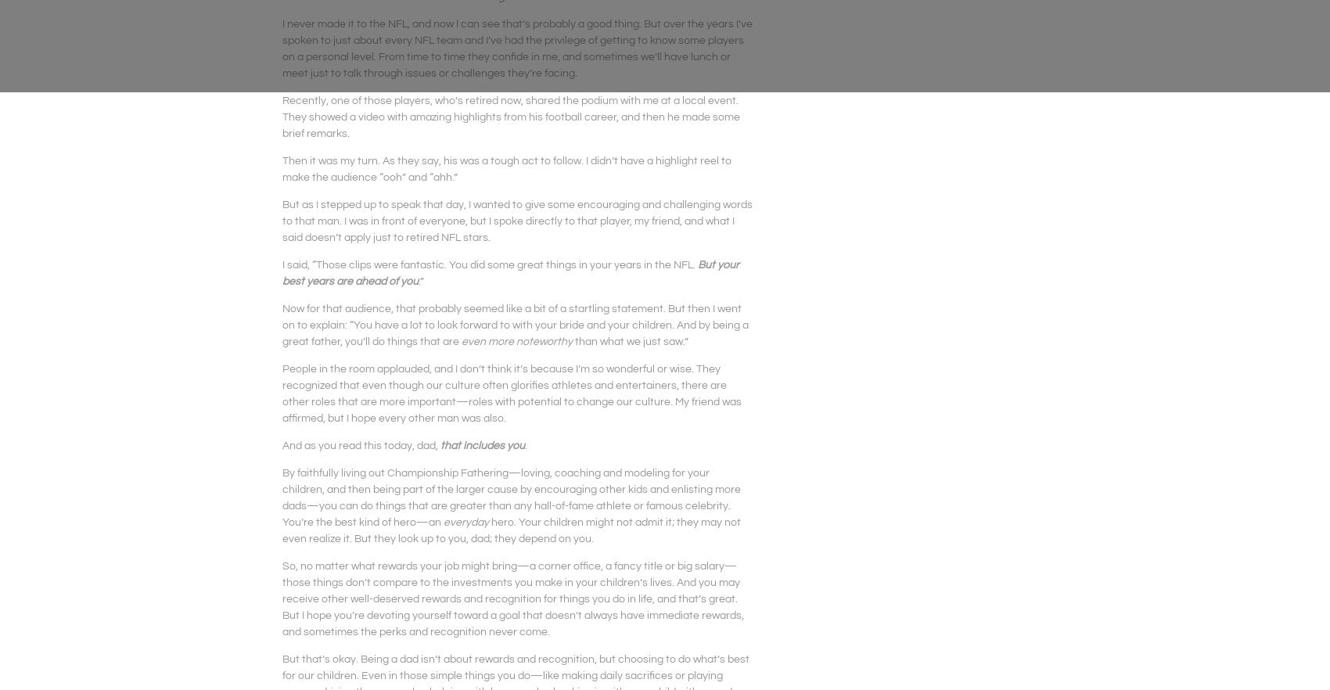 The height and width of the screenshot is (690, 1330). I want to click on 'Then it was my turn. As they say, his was a tough act to follow. I didn’t have a highlight reel to make the audience “ooh” and “ahh.”', so click(282, 168).